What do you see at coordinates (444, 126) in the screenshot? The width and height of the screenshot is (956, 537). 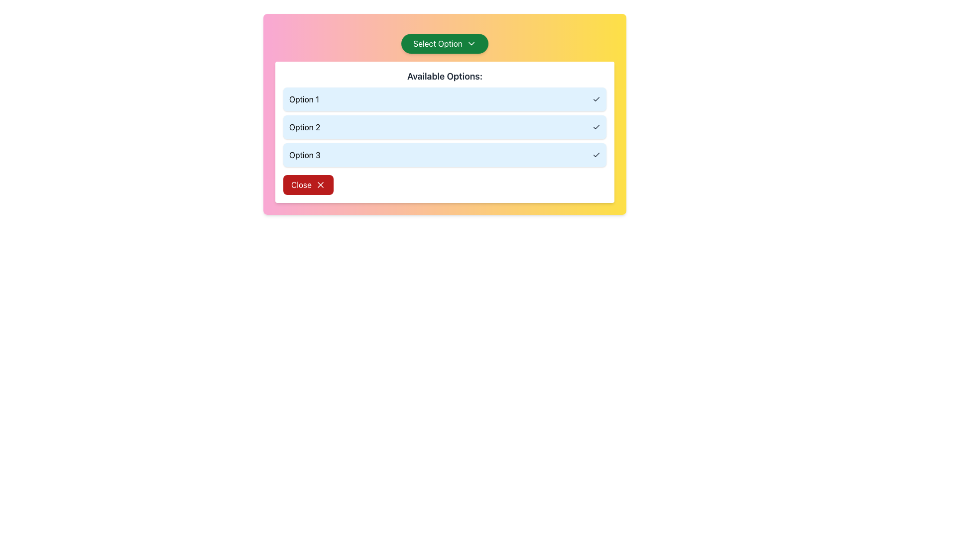 I see `the second selectable option` at bounding box center [444, 126].